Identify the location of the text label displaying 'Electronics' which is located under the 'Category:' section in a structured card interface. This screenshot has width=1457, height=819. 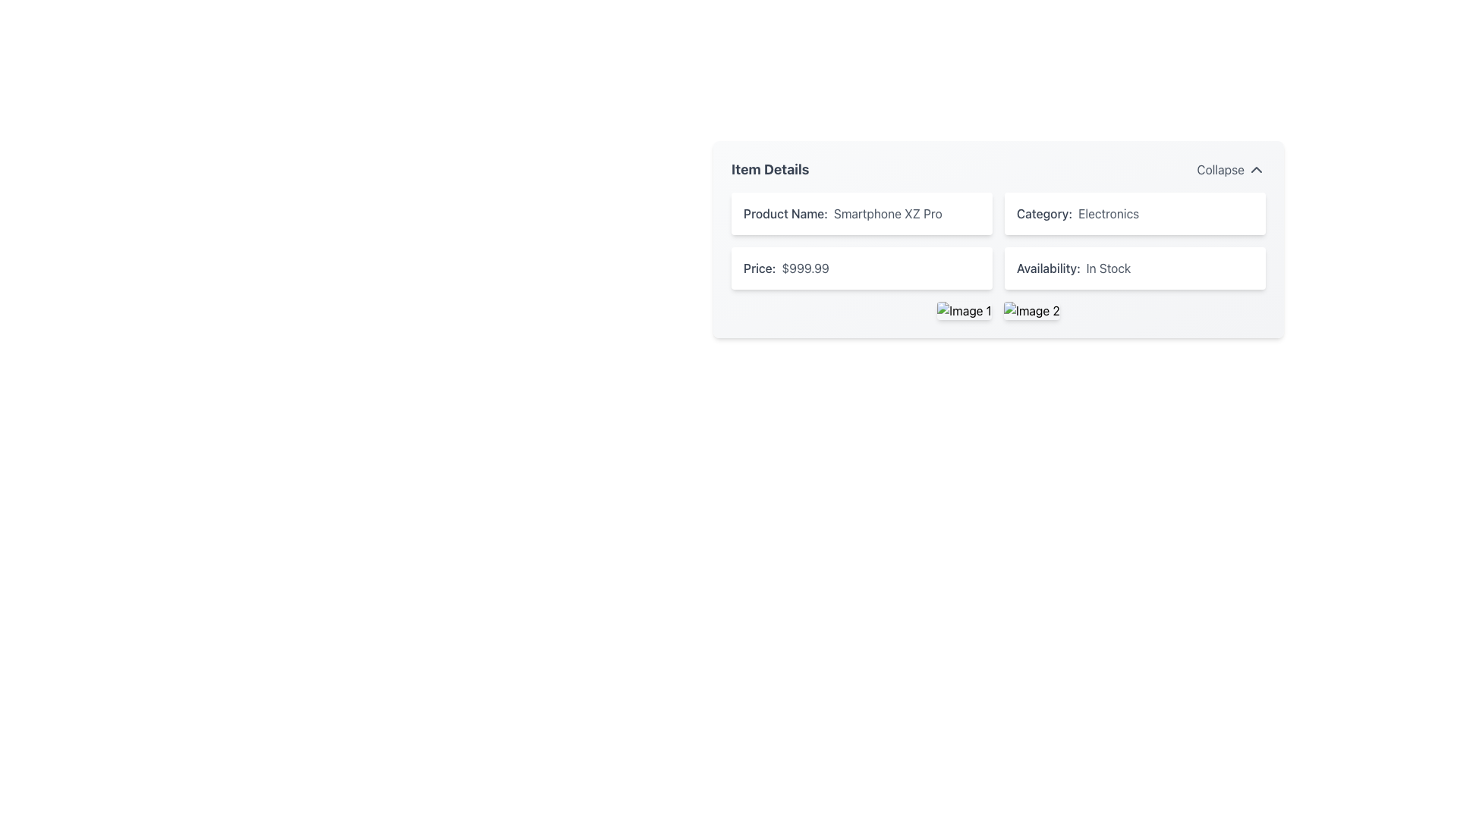
(1109, 213).